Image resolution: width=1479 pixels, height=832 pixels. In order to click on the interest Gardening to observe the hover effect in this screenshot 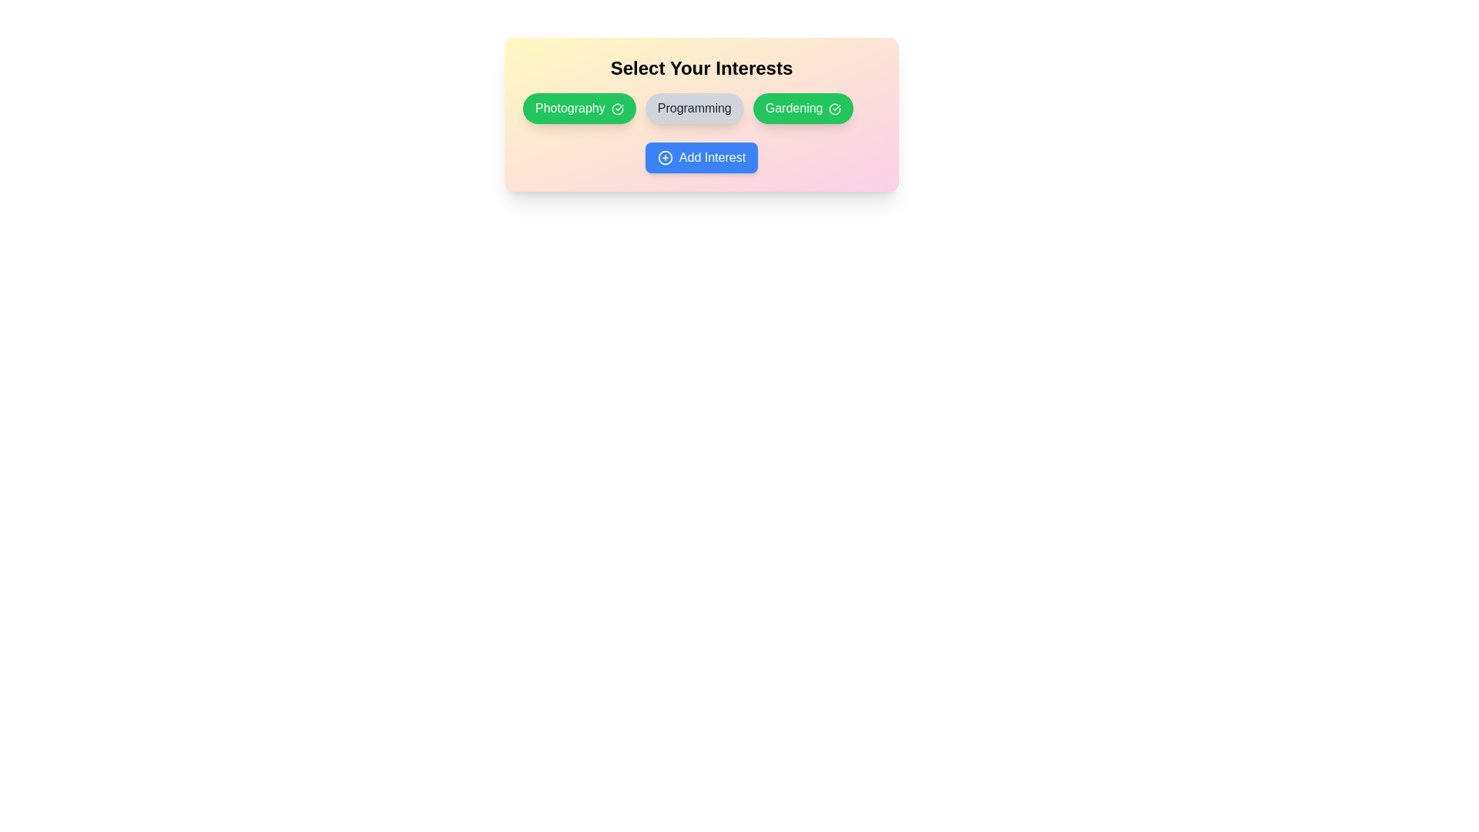, I will do `click(802, 108)`.